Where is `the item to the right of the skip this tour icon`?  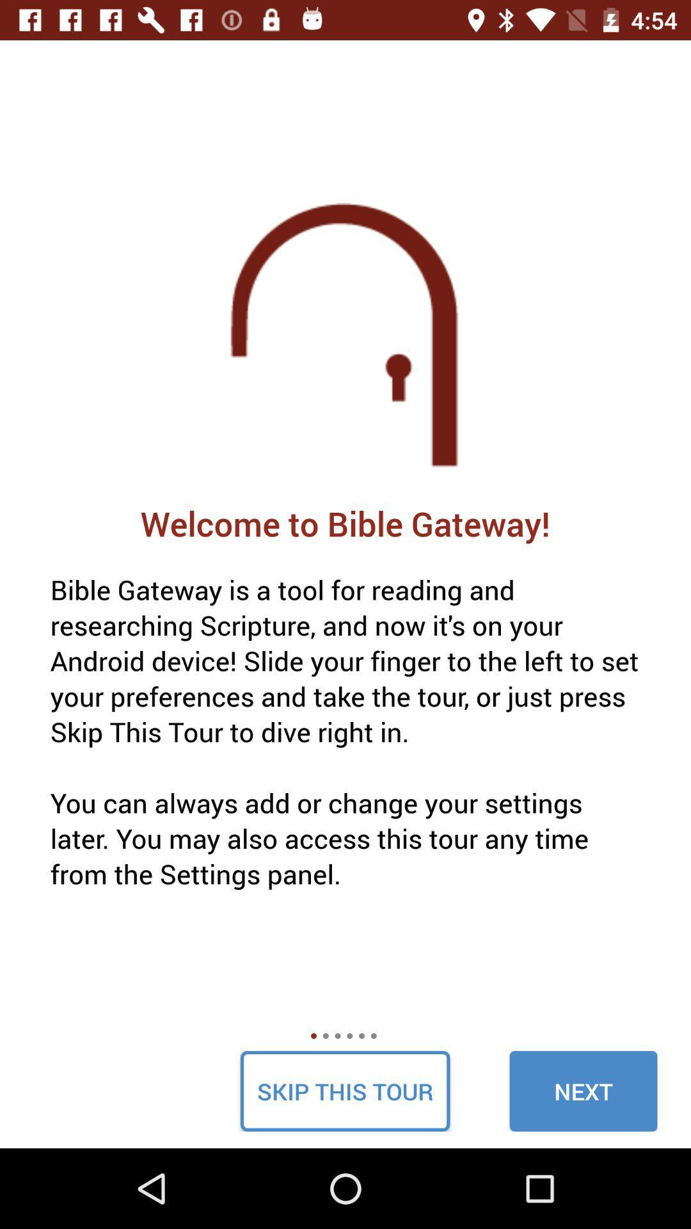 the item to the right of the skip this tour icon is located at coordinates (583, 1090).